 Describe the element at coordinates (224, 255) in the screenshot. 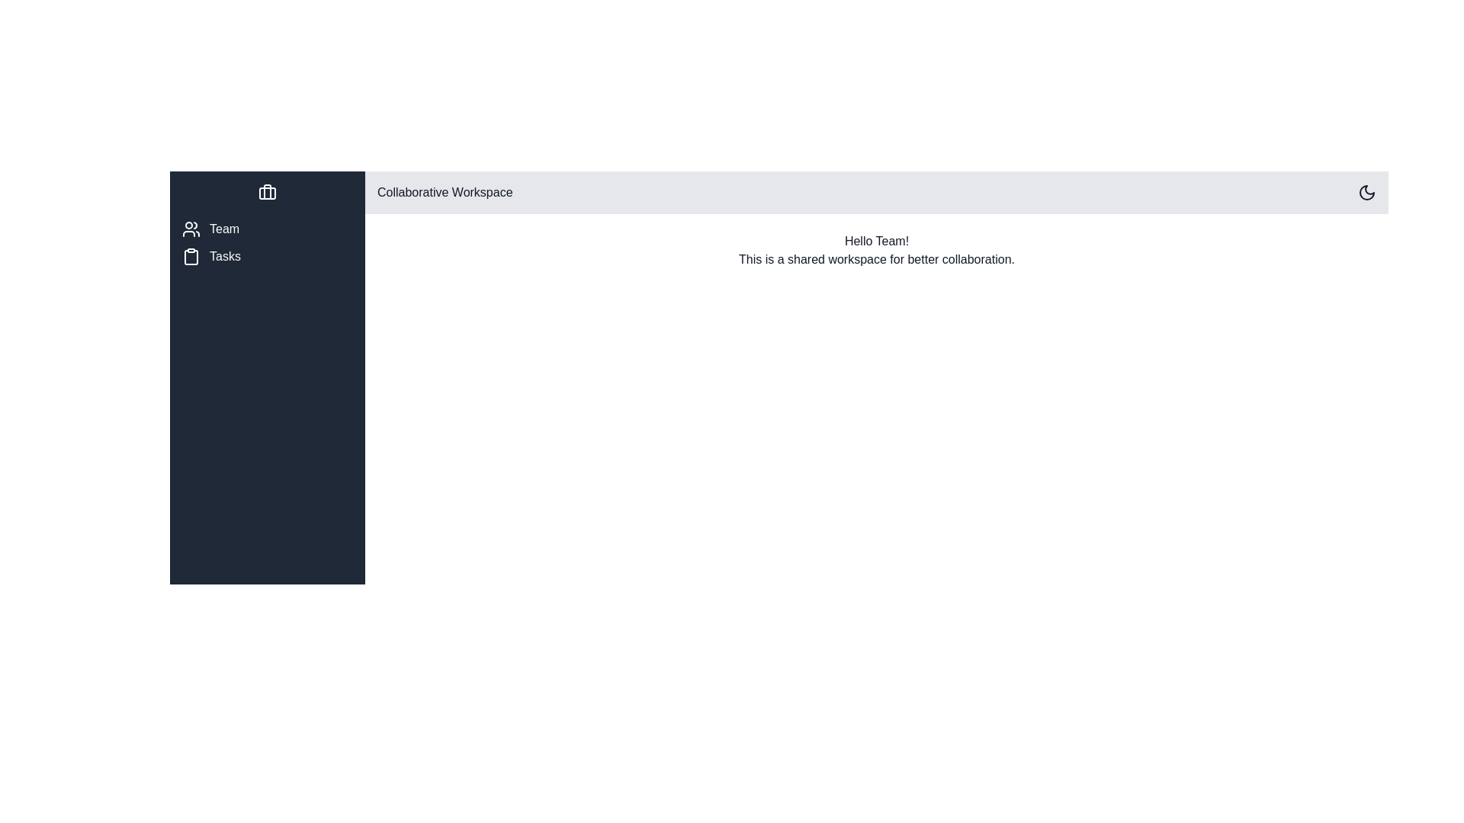

I see `the 'Tasks' text label located below the 'Team' label in the sidebar` at that location.